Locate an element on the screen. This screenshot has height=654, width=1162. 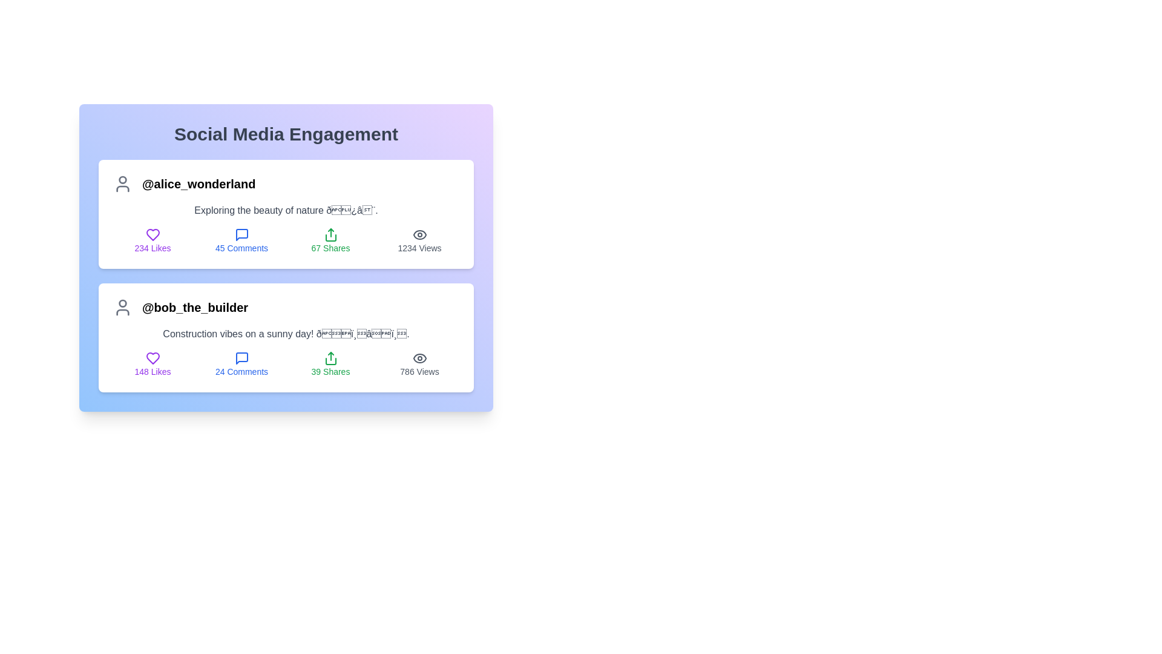
the purple heart icon located to the left of the '234 Likes' text for the '@alice_wonderland' post is located at coordinates (152, 235).